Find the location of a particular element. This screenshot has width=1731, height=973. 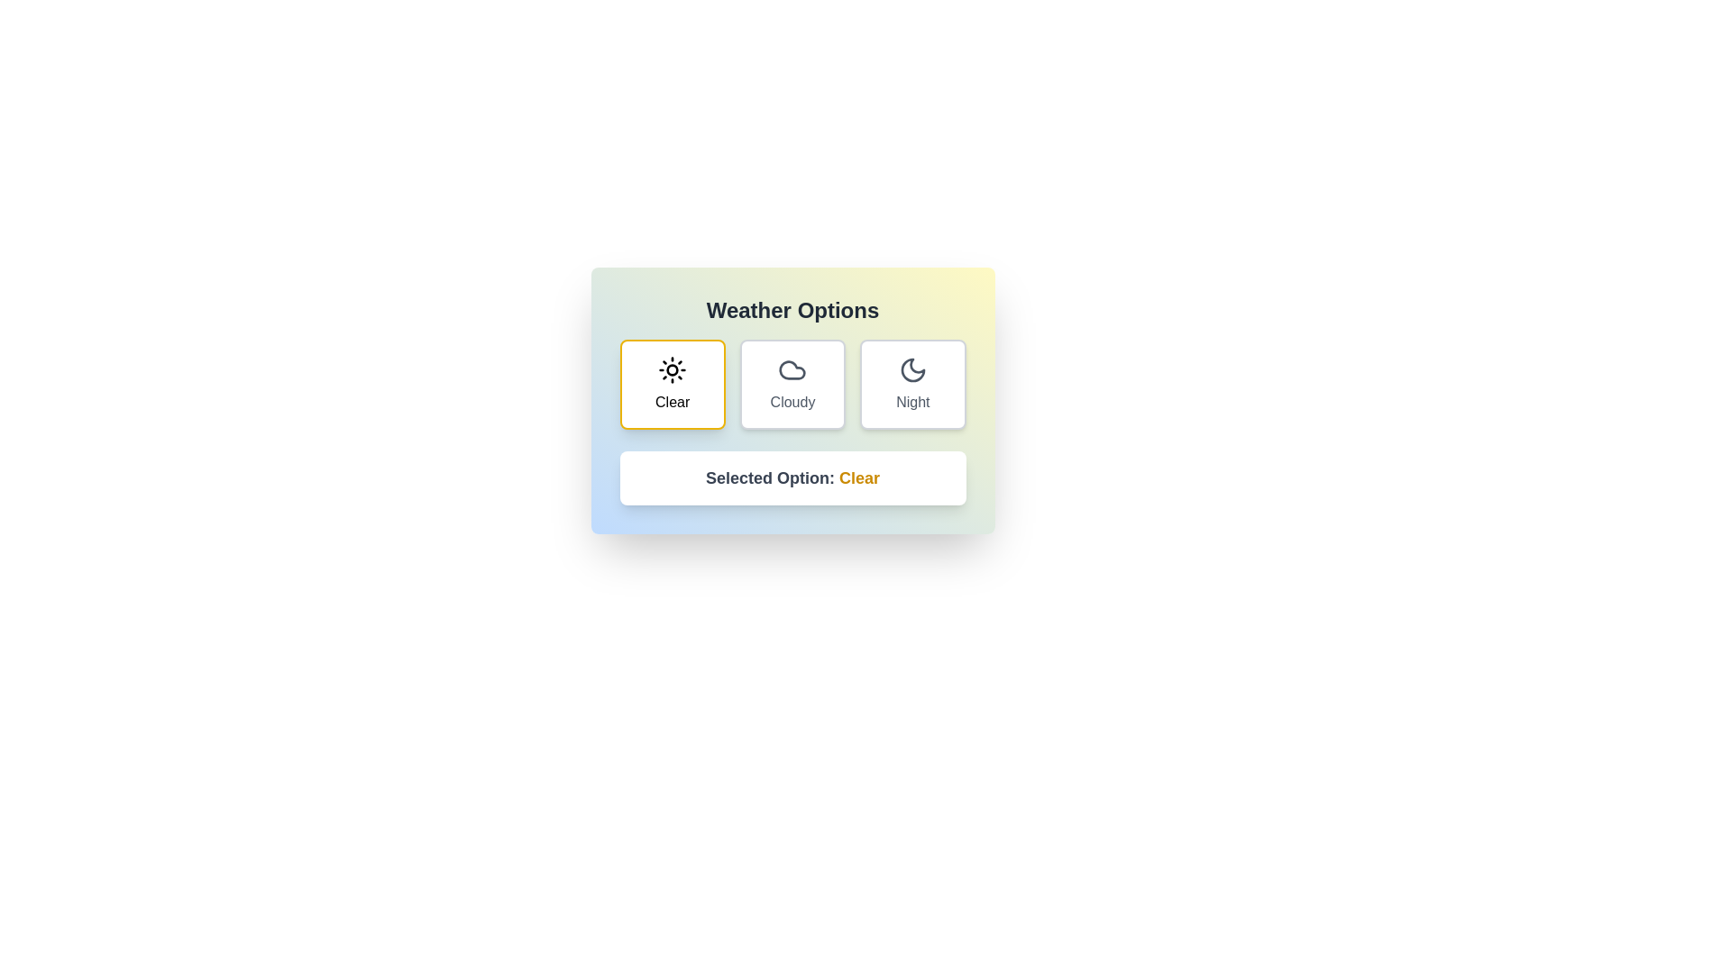

the 'Night' weather option icon, which is embedded in a selectable card labeled 'Night' is located at coordinates (912, 369).